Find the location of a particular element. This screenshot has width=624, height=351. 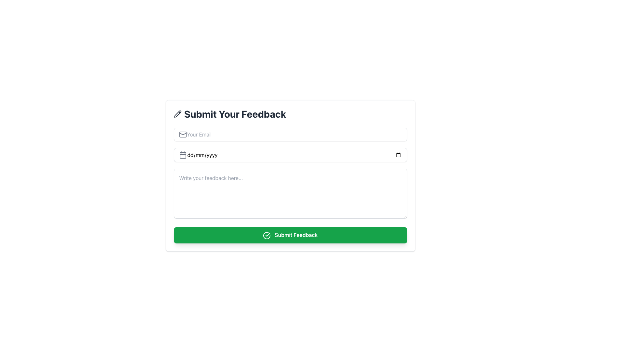

the small rectangular shape with rounded corners that is part of the envelope icon, located within the SVG component of the mail icon is located at coordinates (182, 134).